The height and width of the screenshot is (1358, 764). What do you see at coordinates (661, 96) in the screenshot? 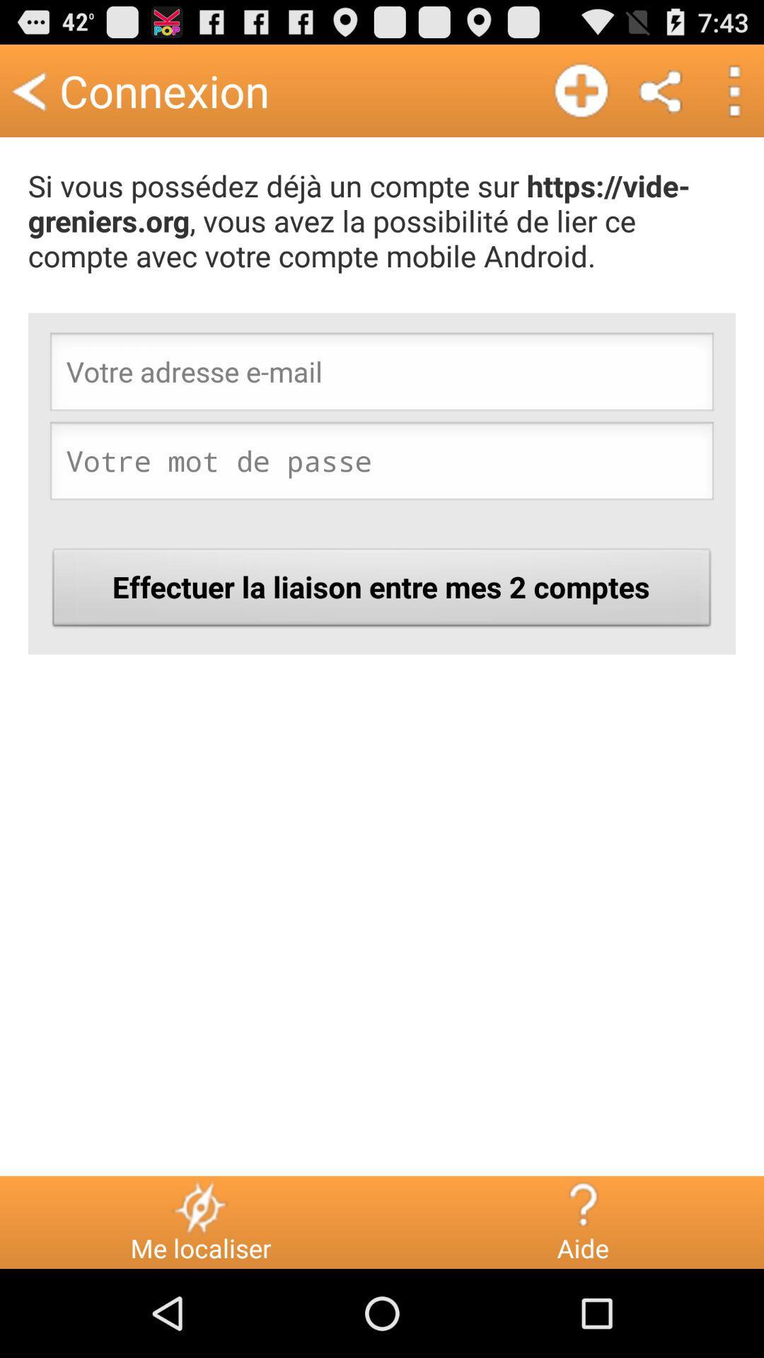
I see `the share icon` at bounding box center [661, 96].